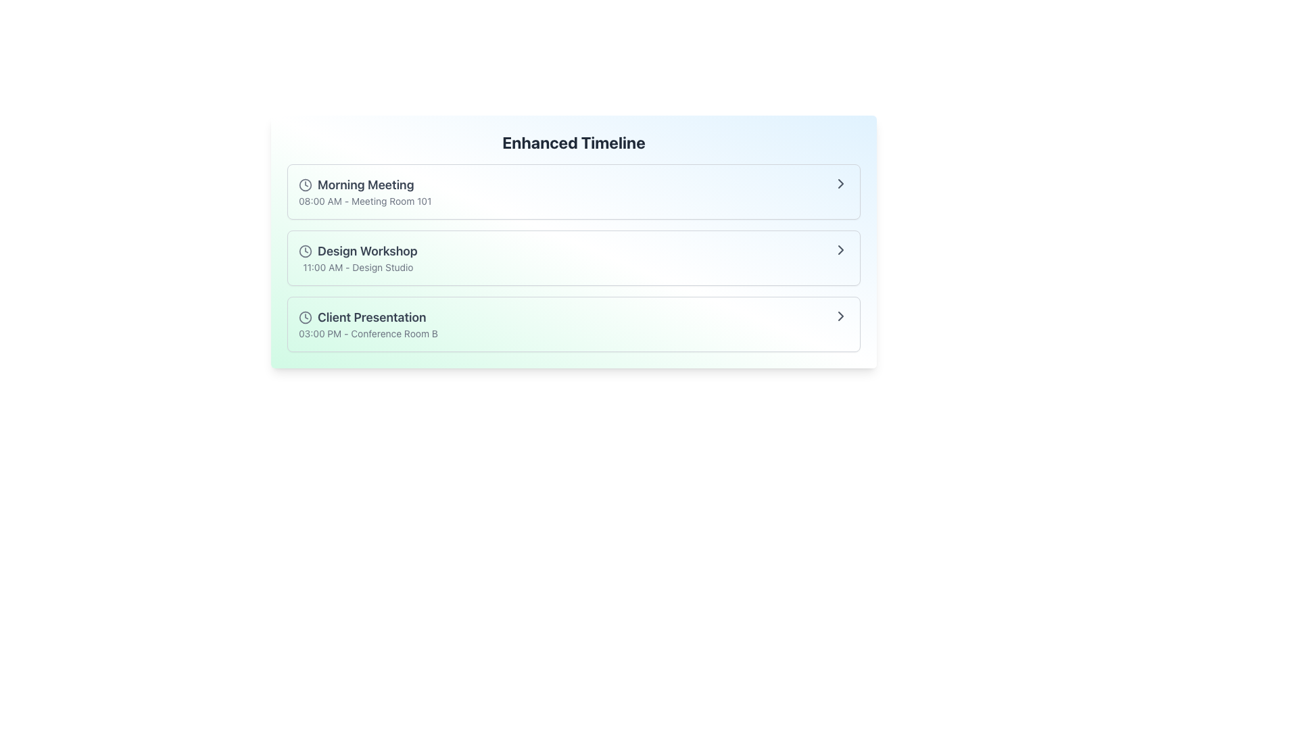 This screenshot has height=730, width=1298. Describe the element at coordinates (840, 250) in the screenshot. I see `the rightmost arrow-shaped button in the 'Design Workshop' entry of the timeline interface` at that location.